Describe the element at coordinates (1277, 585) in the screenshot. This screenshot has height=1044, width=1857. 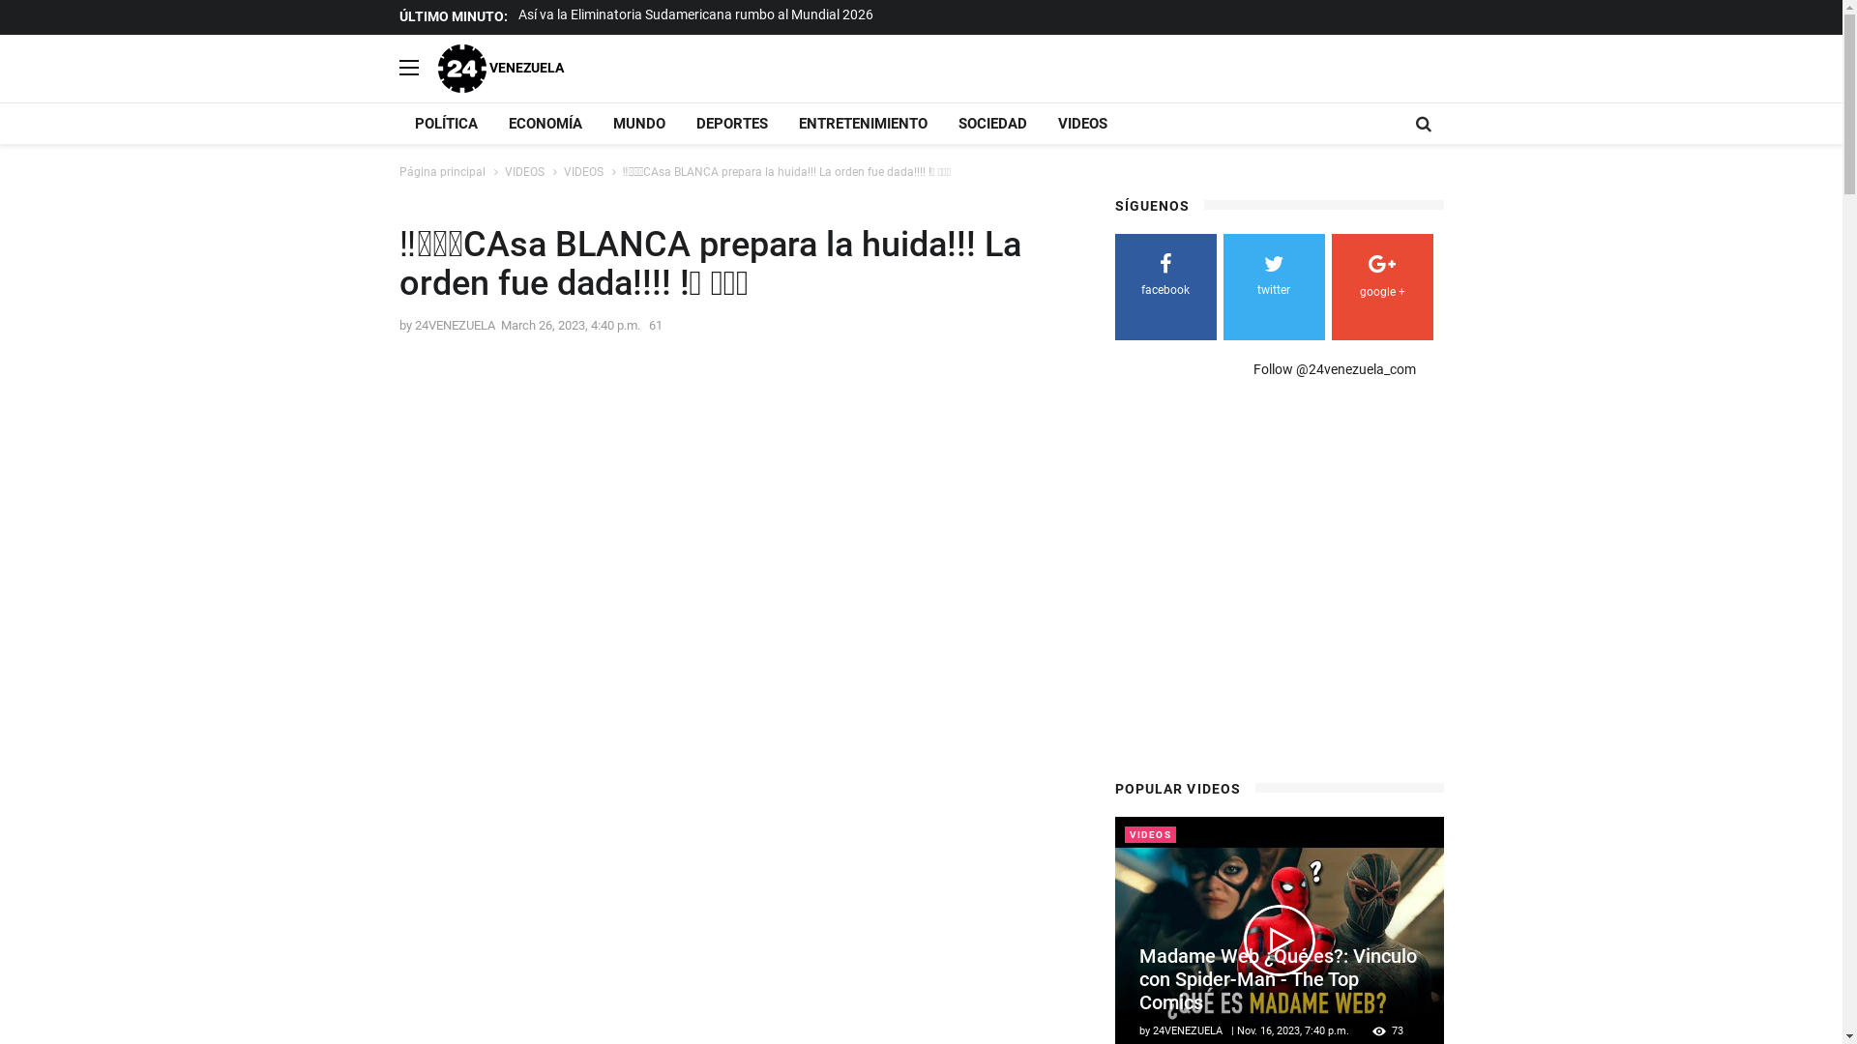
I see `'Advertisement'` at that location.